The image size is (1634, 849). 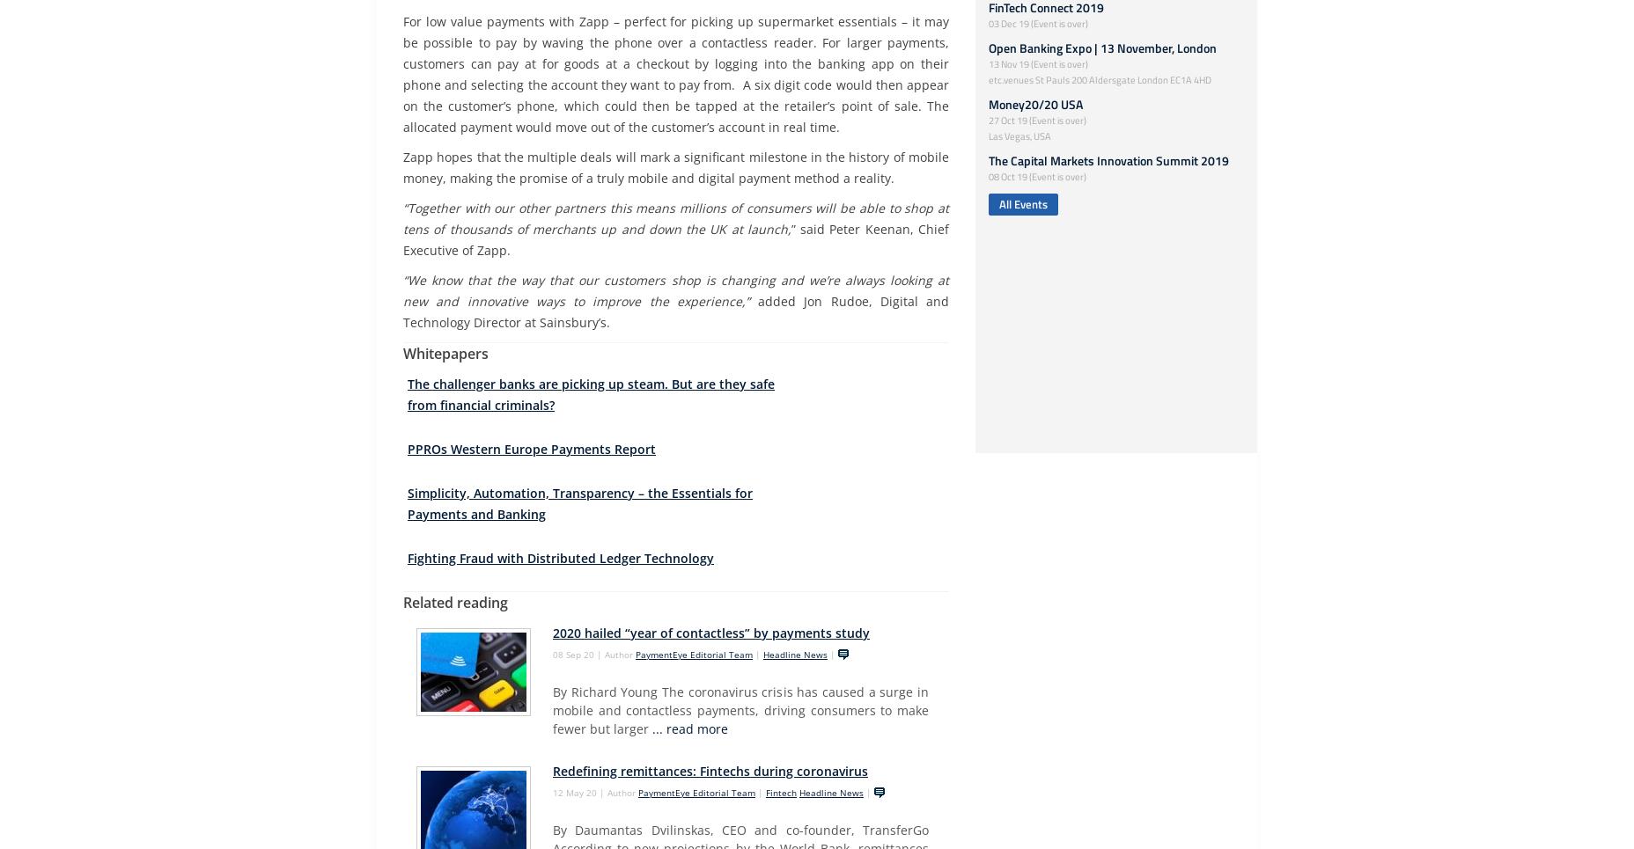 What do you see at coordinates (403, 167) in the screenshot?
I see `'Zapp hopes that the multiple deals will mark a significant milestone in the history of mobile money, making the promise of a truly mobile and digital payment method a reality.'` at bounding box center [403, 167].